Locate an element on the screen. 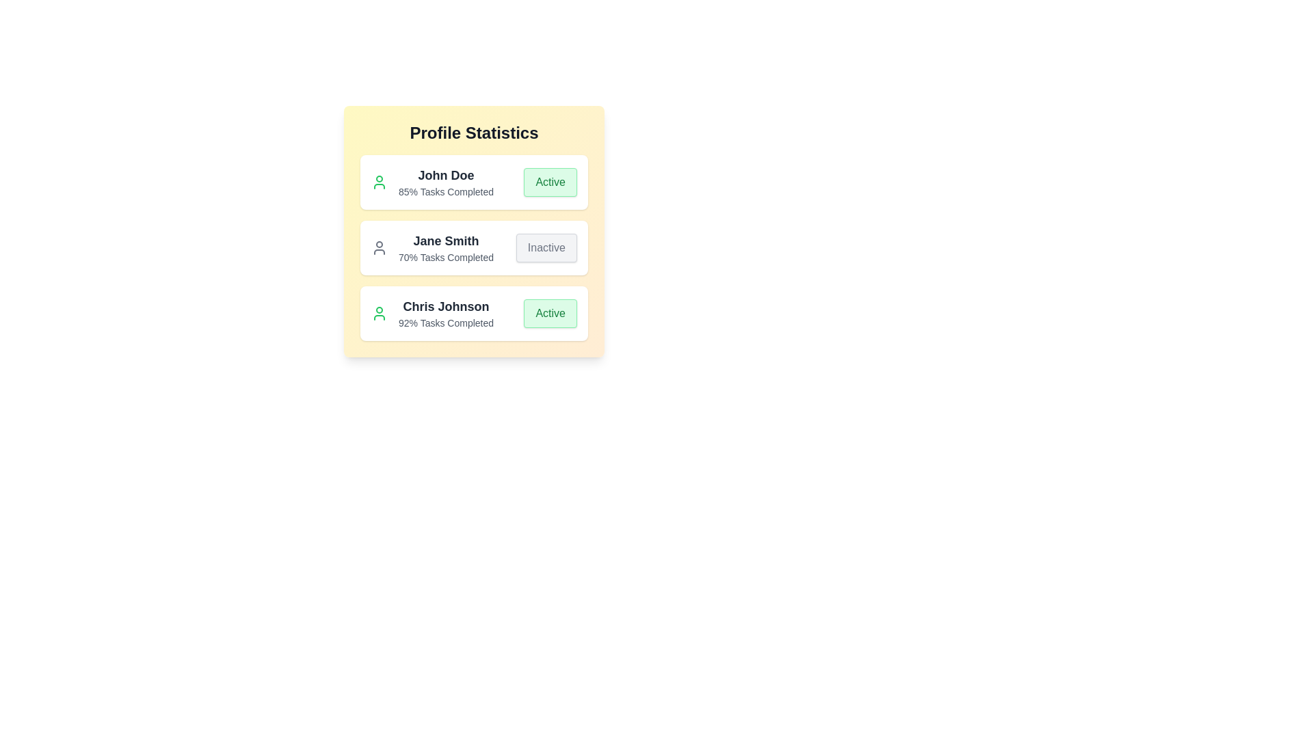  the user icon for Chris Johnson to explore additional interactions is located at coordinates (380, 314).